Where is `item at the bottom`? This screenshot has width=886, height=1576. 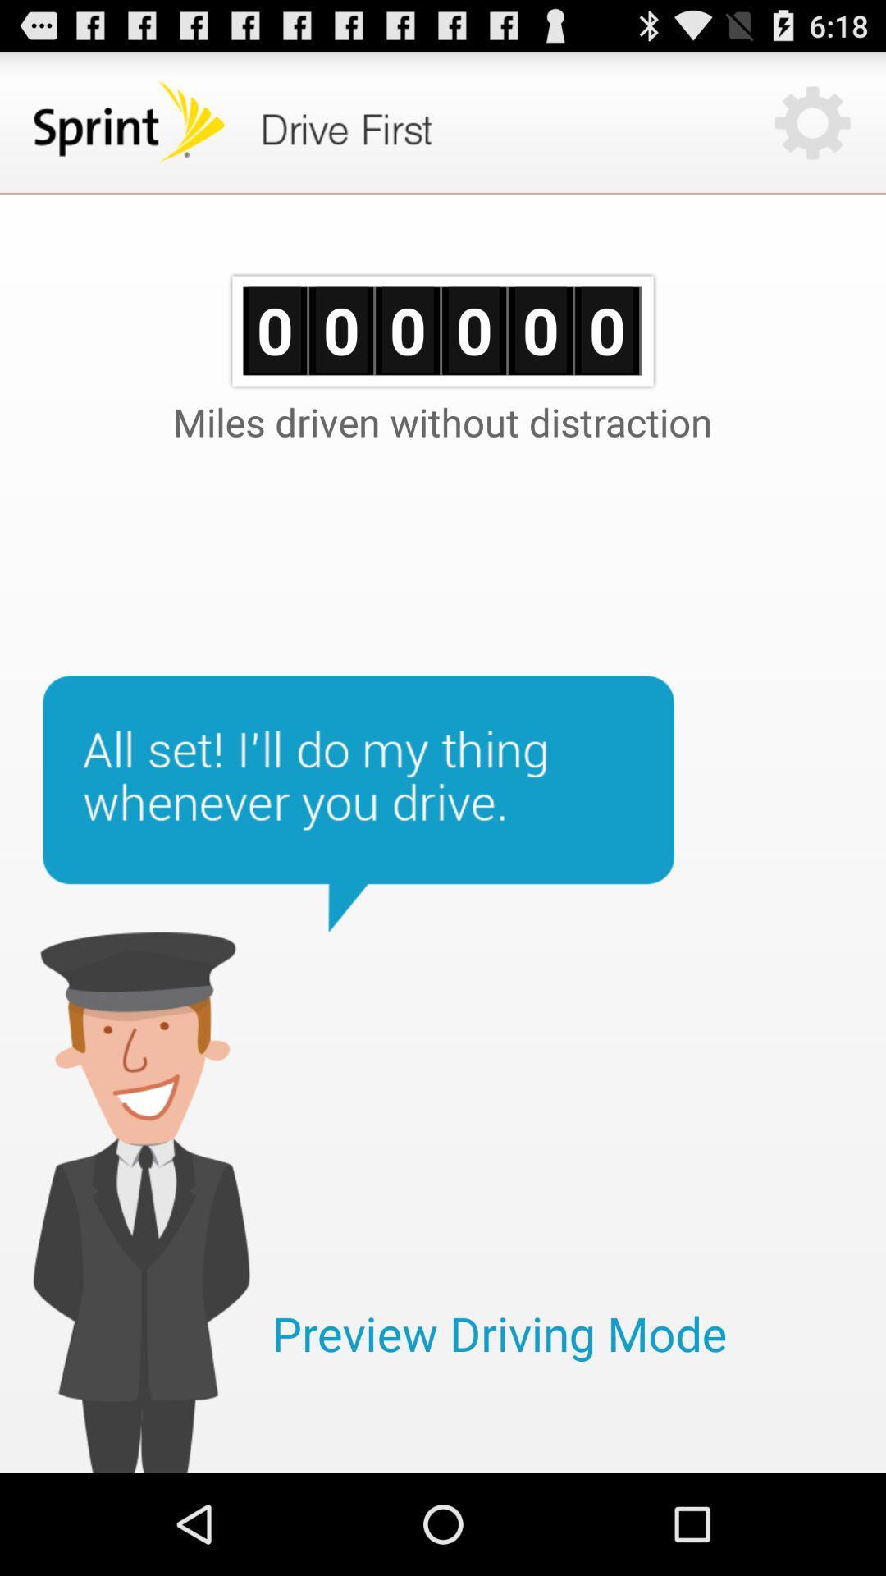
item at the bottom is located at coordinates (499, 1333).